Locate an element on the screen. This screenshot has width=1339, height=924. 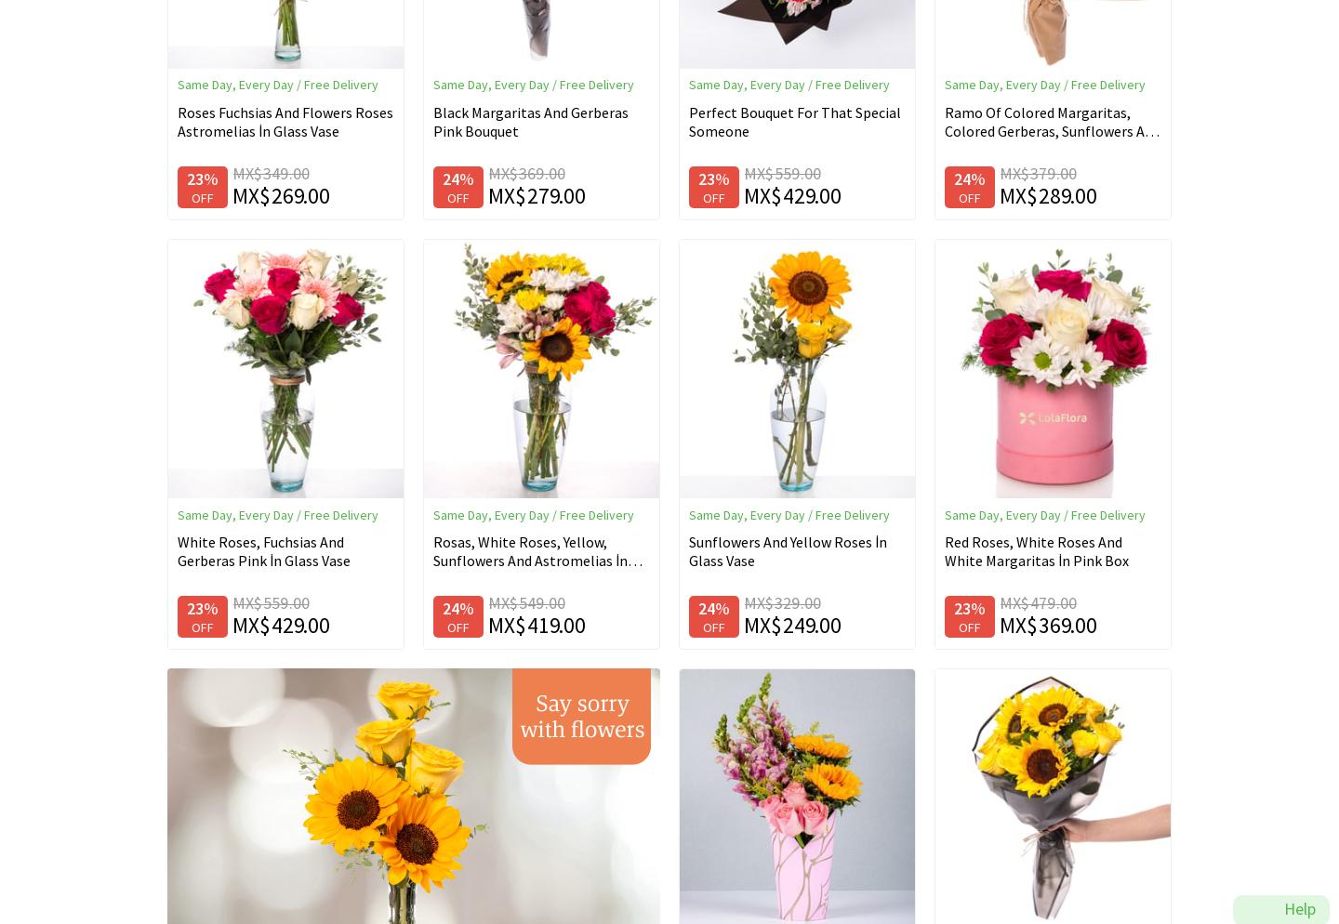
'379' is located at coordinates (1041, 172).